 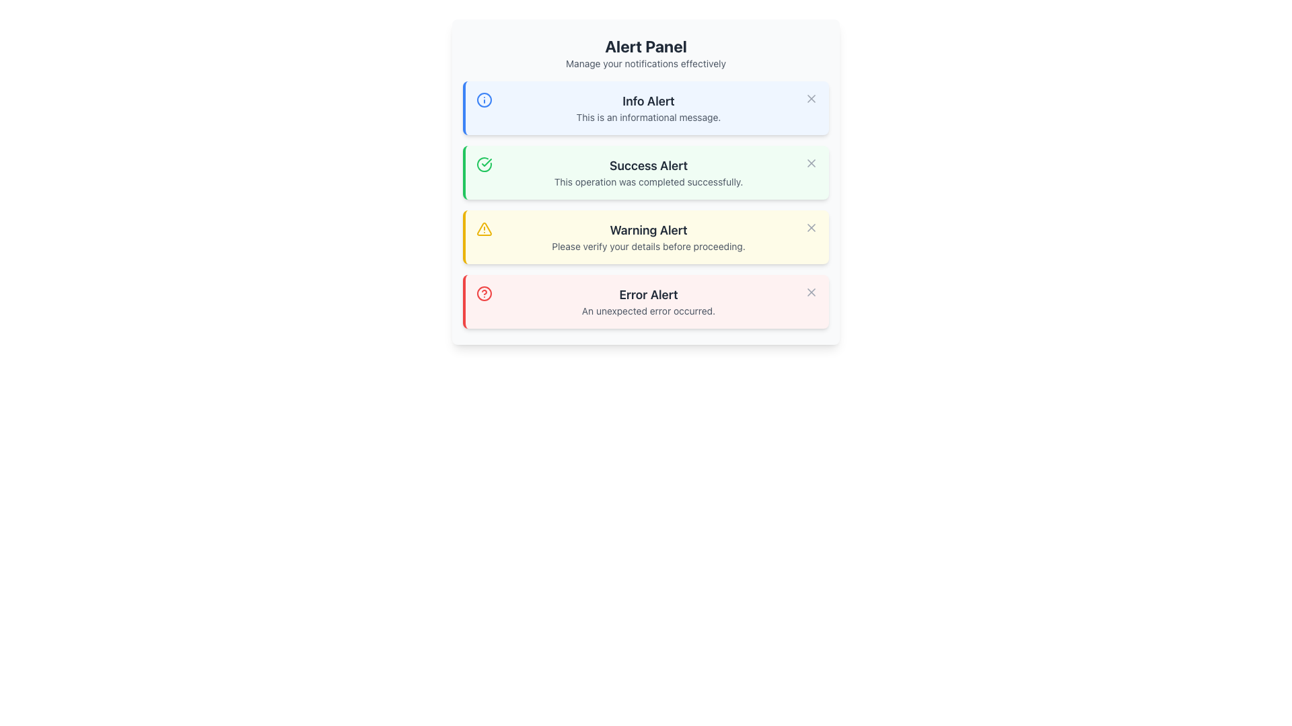 What do you see at coordinates (649, 182) in the screenshot?
I see `the text message 'This operation was completed successfully.' located beneath the title 'Success Alert' in the green-highlighted notification panel` at bounding box center [649, 182].